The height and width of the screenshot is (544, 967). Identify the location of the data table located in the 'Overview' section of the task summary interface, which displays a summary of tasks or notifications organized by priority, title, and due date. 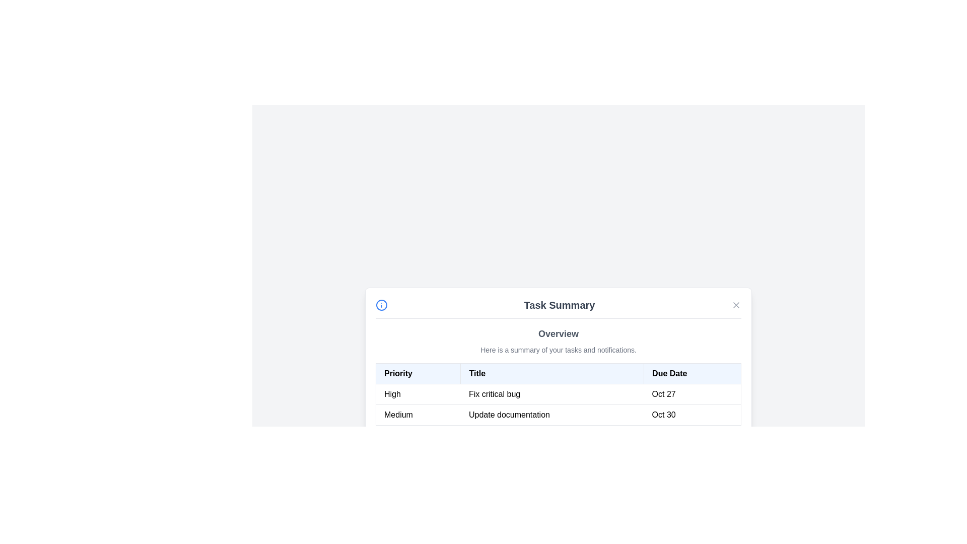
(558, 393).